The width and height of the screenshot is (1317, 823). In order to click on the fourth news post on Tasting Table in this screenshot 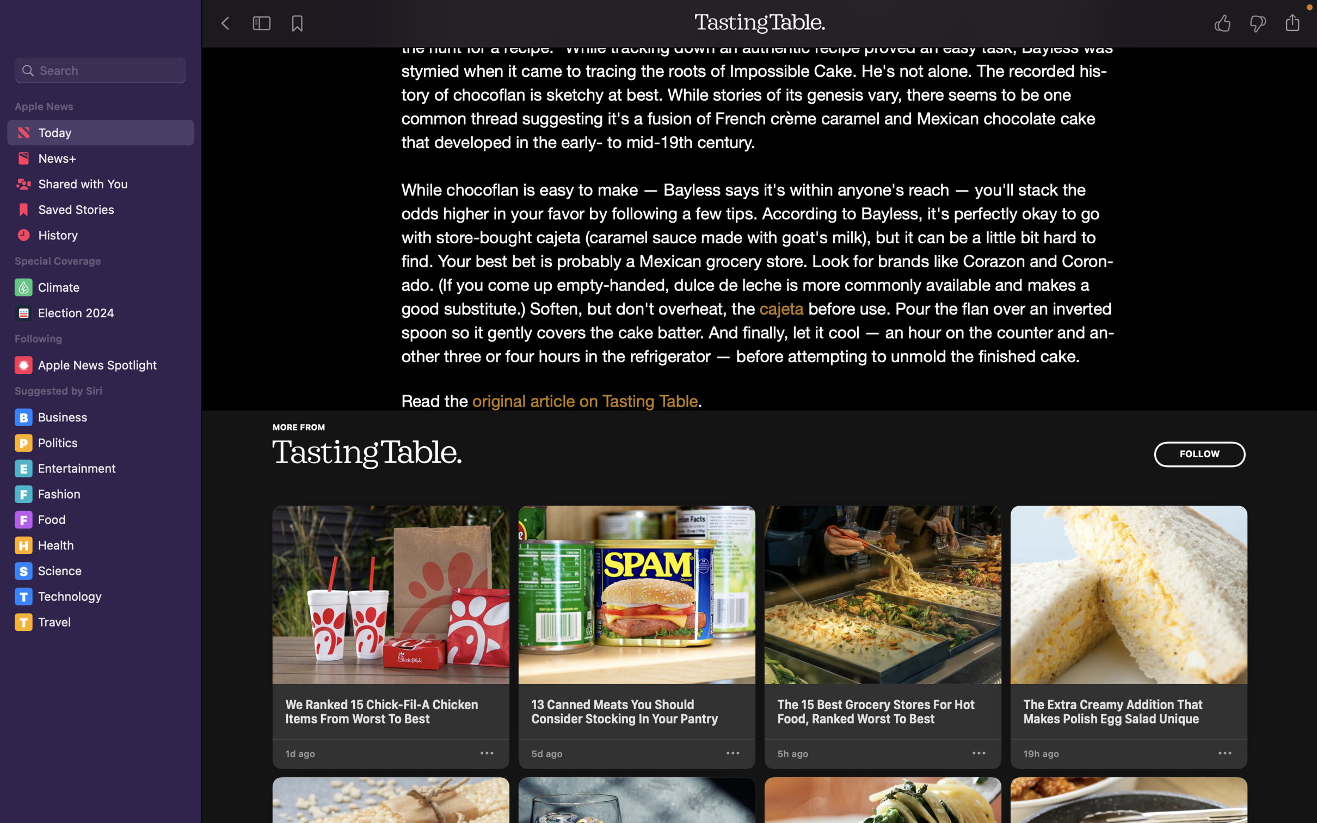, I will do `click(1128, 622)`.